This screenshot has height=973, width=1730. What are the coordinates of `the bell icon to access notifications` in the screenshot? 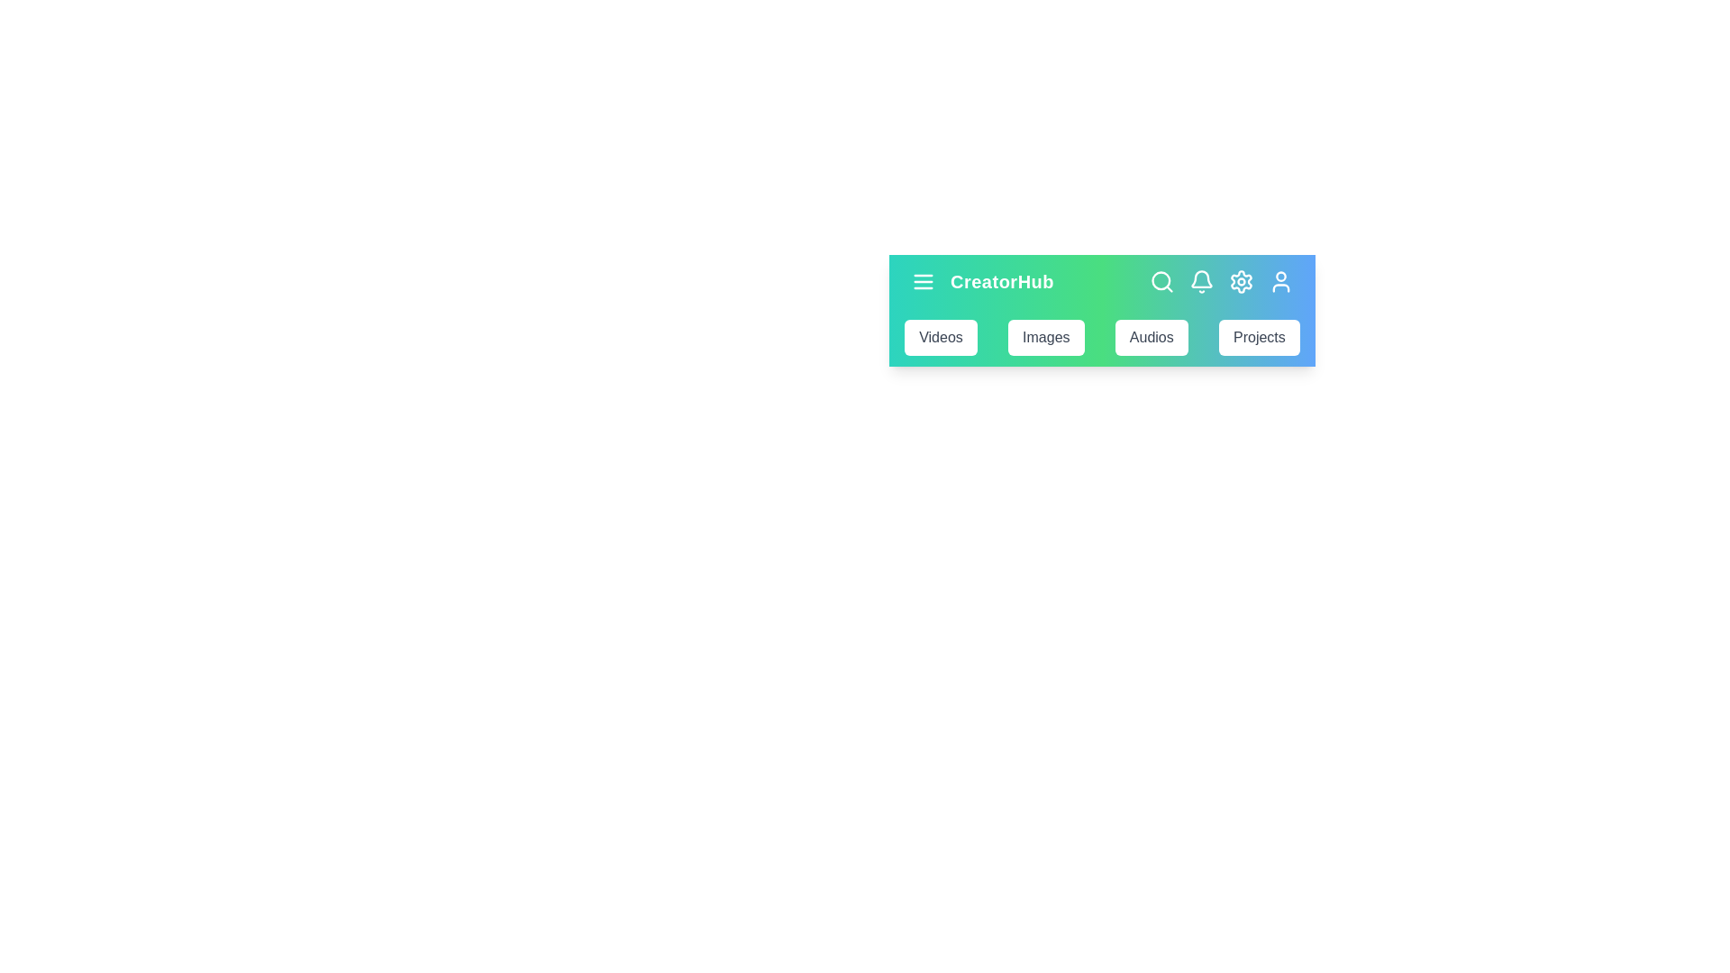 It's located at (1202, 281).